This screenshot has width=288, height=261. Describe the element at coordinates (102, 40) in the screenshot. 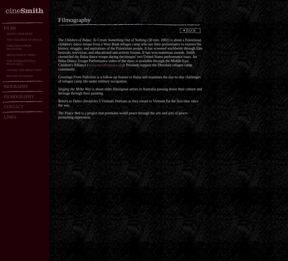

I see `'The Children of Ibdaa: To Create Something Out of Nothing'` at that location.